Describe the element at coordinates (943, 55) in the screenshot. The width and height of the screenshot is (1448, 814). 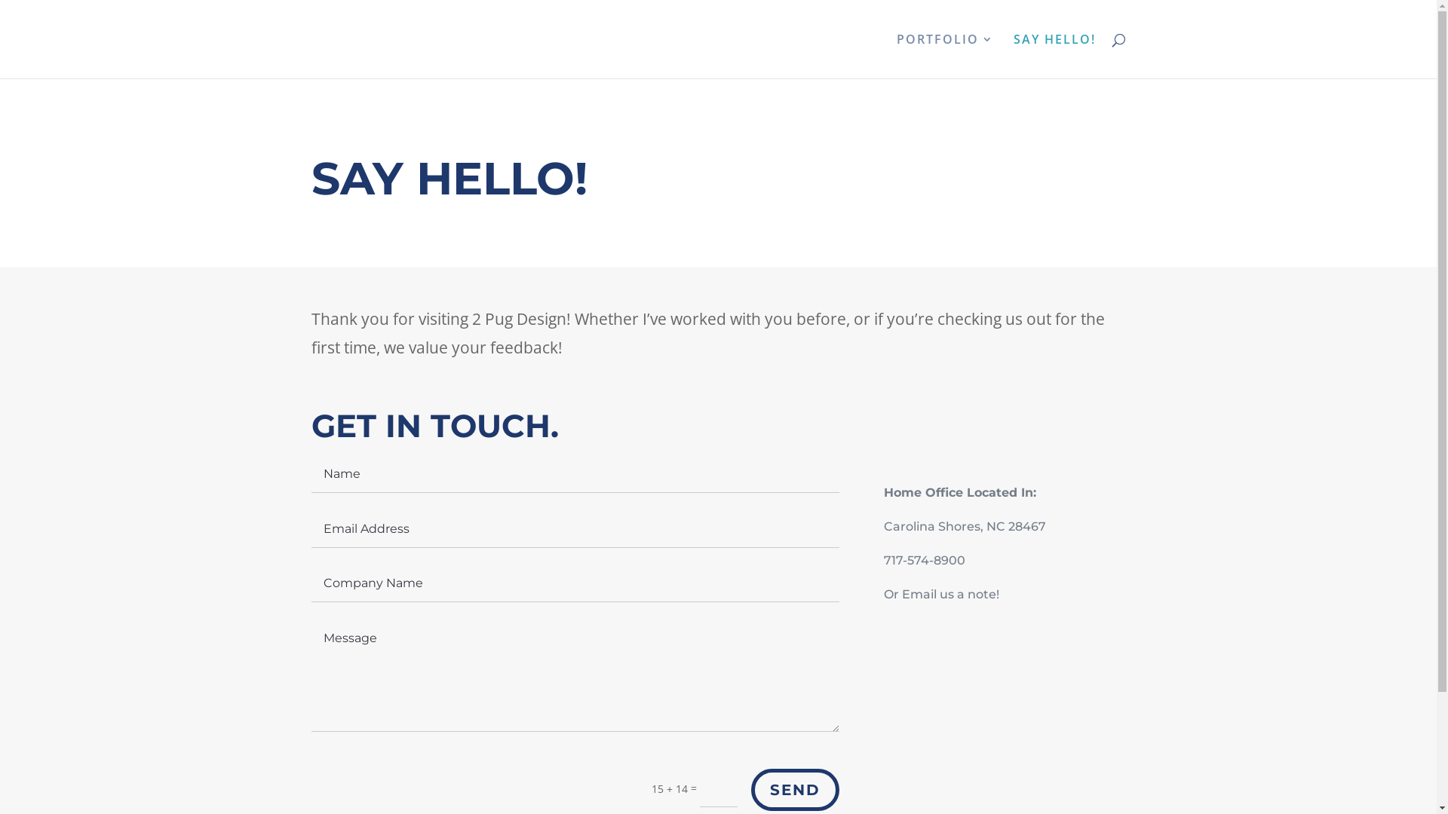
I see `'PORTFOLIO'` at that location.